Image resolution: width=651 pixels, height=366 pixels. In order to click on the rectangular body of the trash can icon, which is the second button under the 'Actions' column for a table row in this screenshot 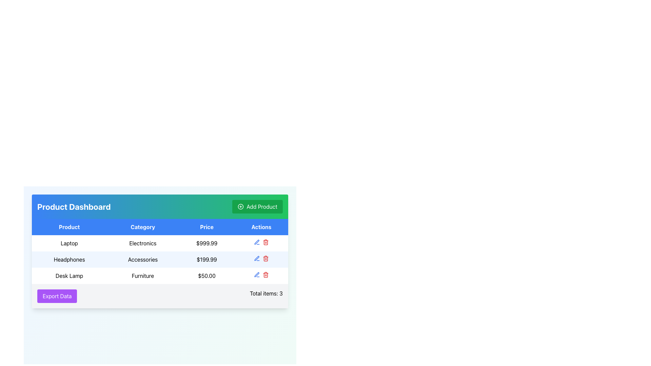, I will do `click(265, 242)`.